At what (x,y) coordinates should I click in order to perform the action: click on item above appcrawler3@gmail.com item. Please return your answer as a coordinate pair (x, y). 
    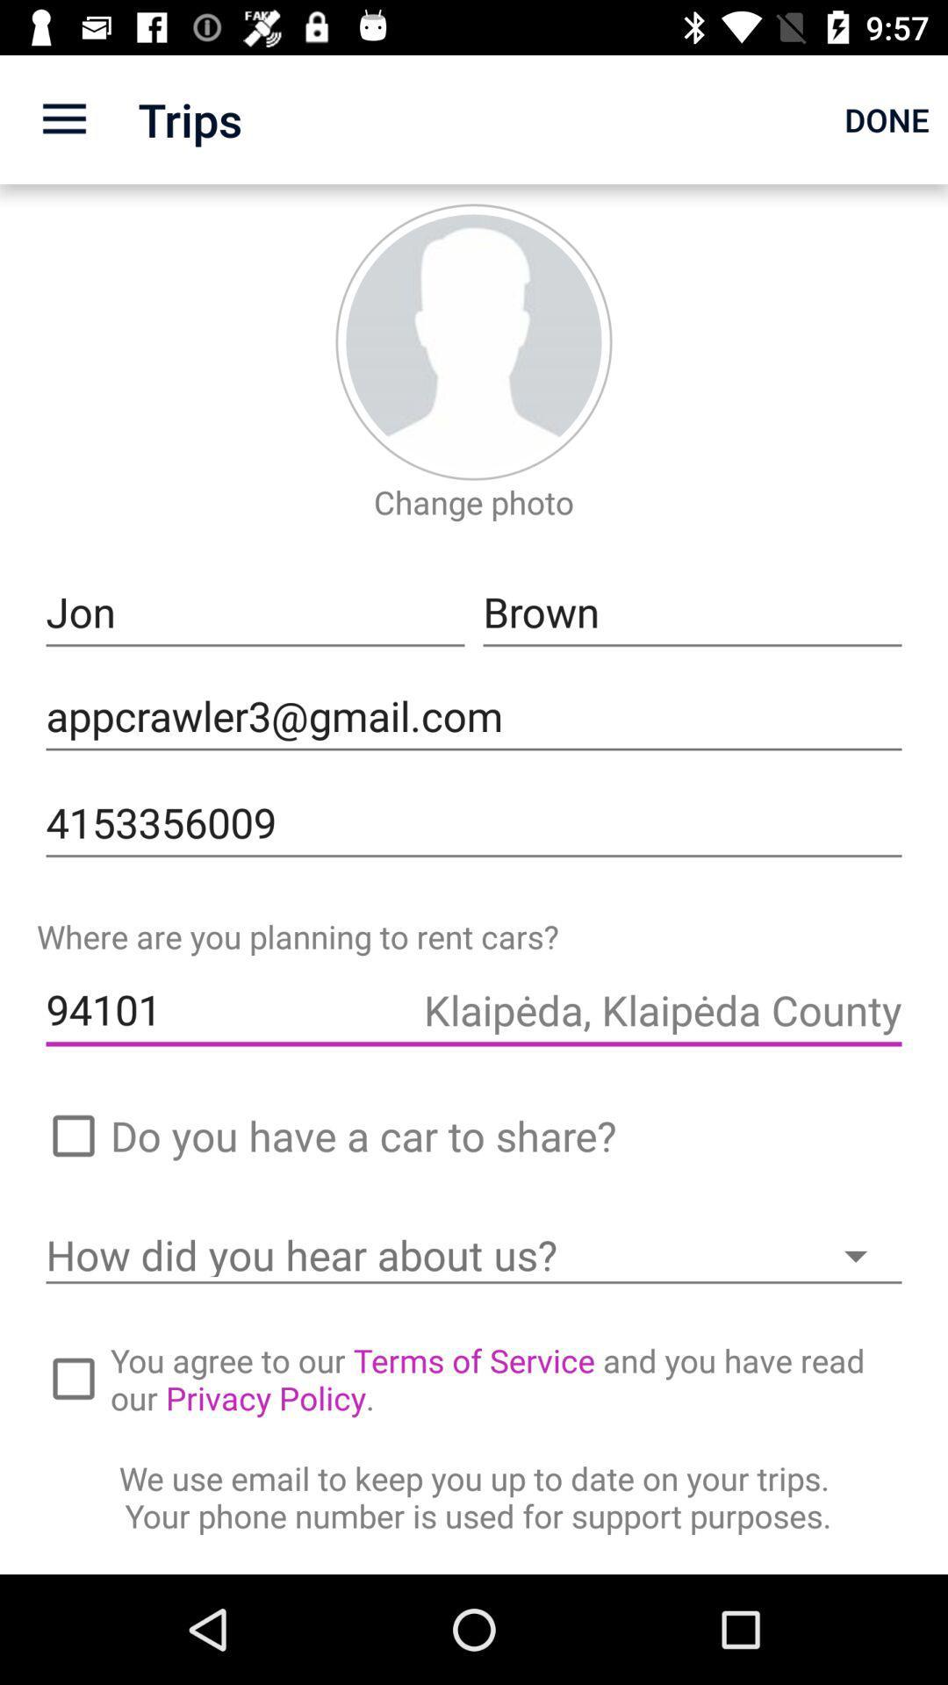
    Looking at the image, I should click on (692, 613).